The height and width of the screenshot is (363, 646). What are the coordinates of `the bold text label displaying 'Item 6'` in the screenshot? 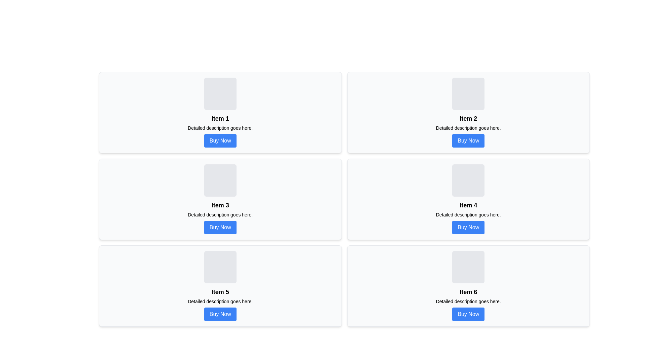 It's located at (468, 291).